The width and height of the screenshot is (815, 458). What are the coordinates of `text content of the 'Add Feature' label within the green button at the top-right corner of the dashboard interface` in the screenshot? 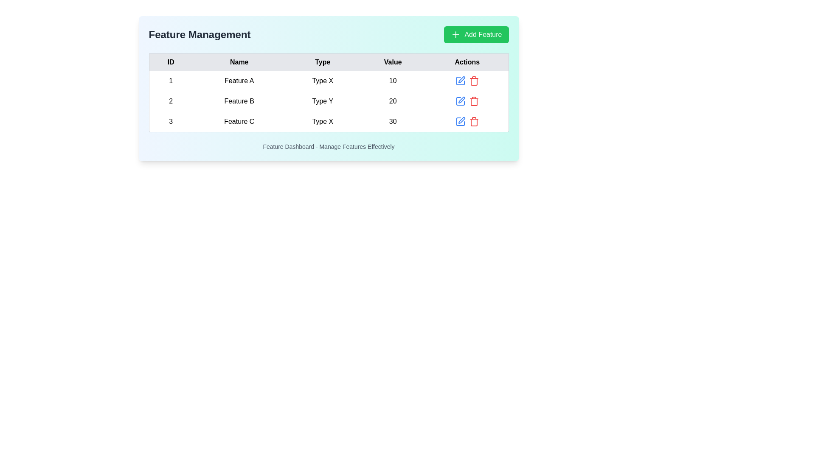 It's located at (483, 34).